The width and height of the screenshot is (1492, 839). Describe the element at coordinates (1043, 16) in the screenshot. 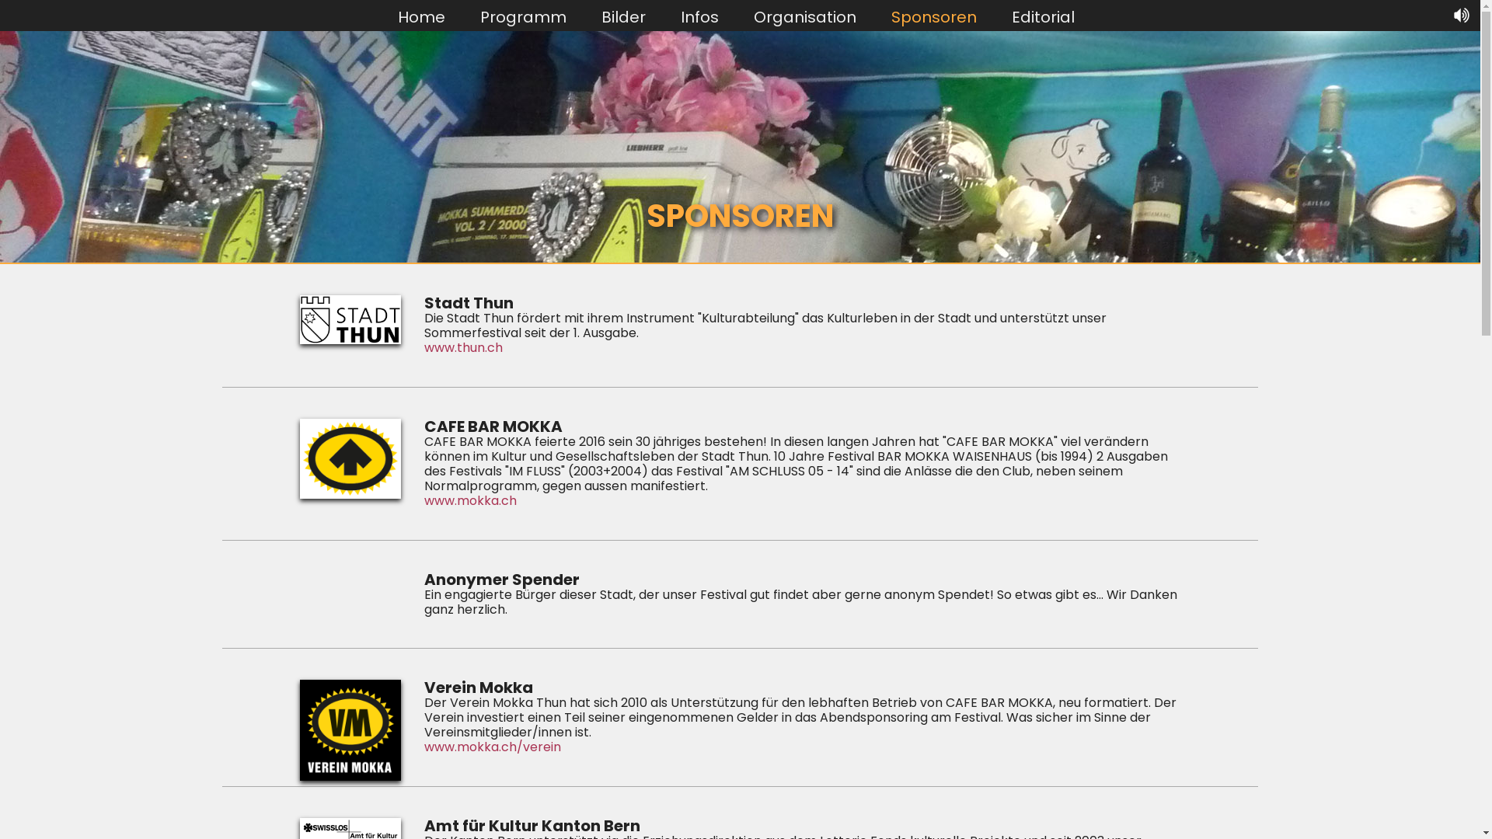

I see `'Editorial'` at that location.